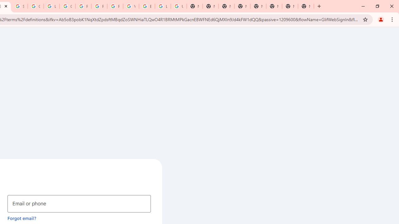 Image resolution: width=399 pixels, height=224 pixels. I want to click on 'Privacy Help Center - Policies Help', so click(83, 6).